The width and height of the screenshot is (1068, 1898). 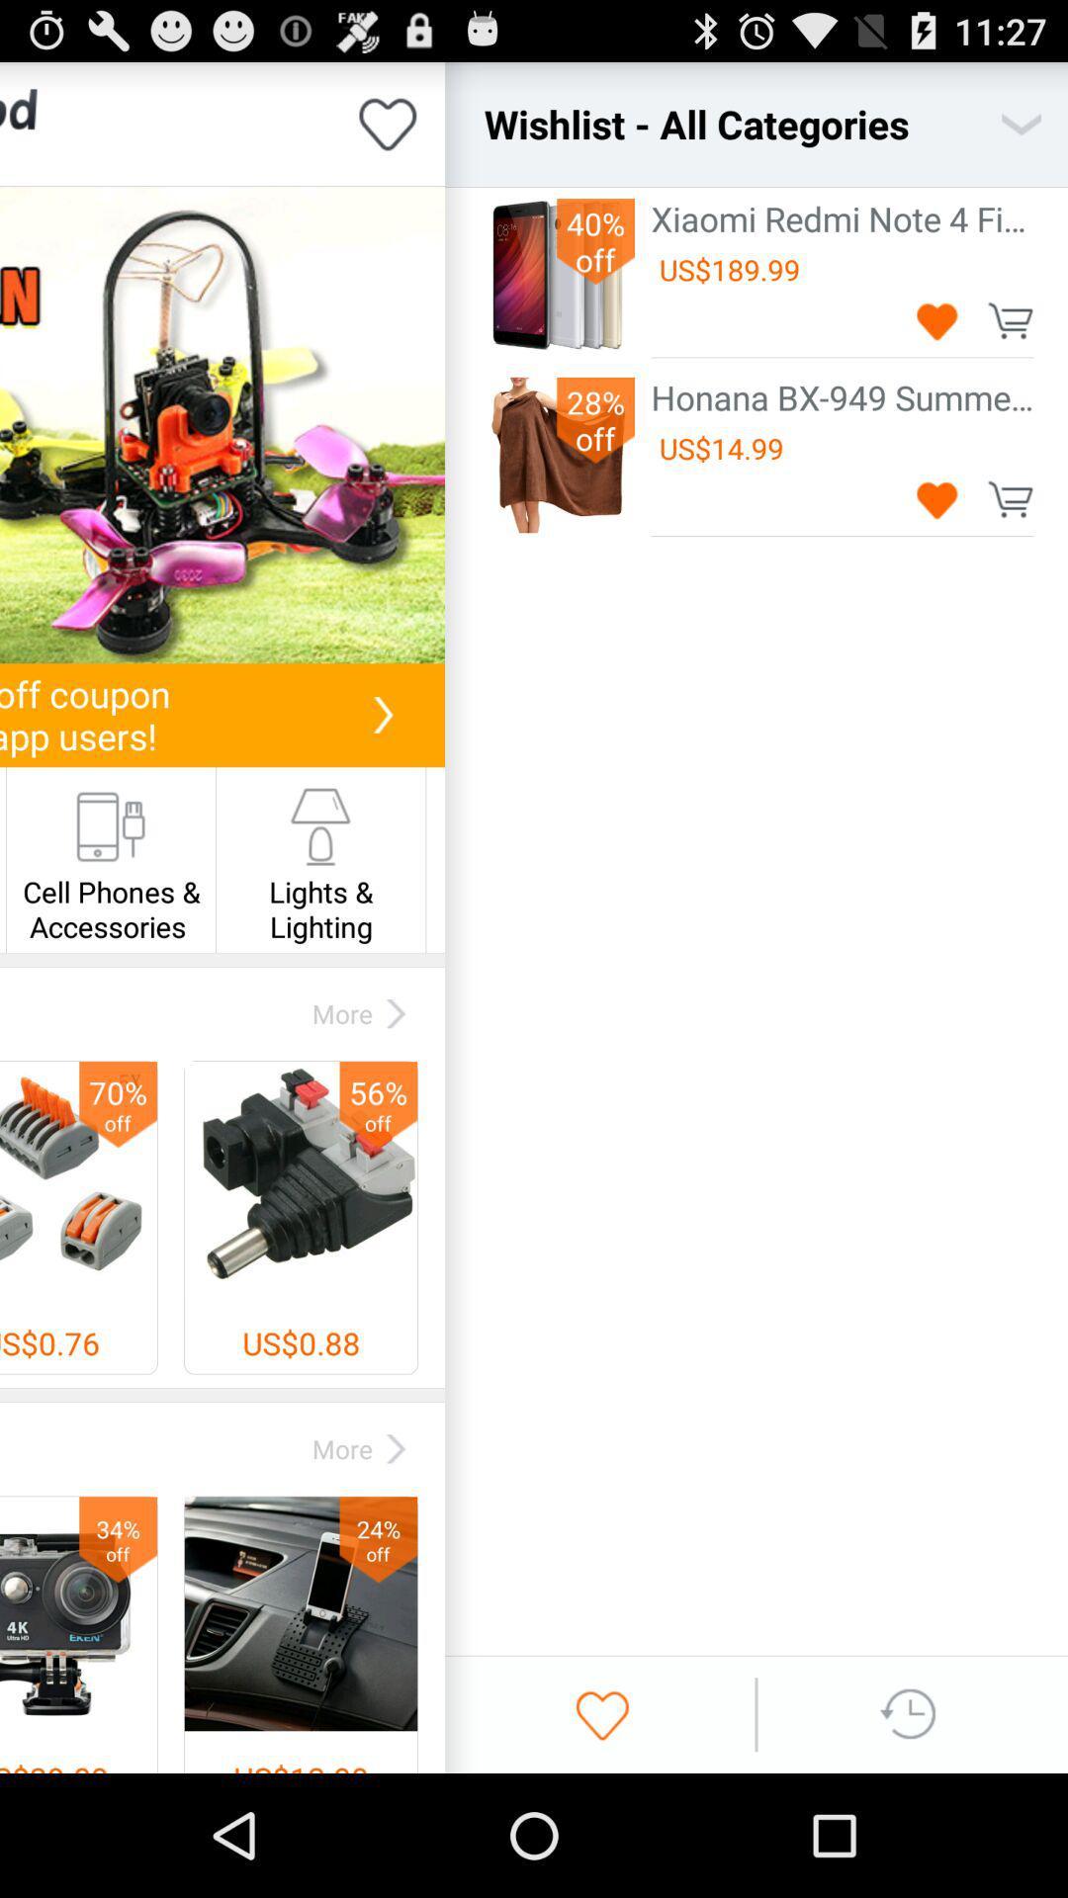 What do you see at coordinates (222, 424) in the screenshot?
I see `product` at bounding box center [222, 424].